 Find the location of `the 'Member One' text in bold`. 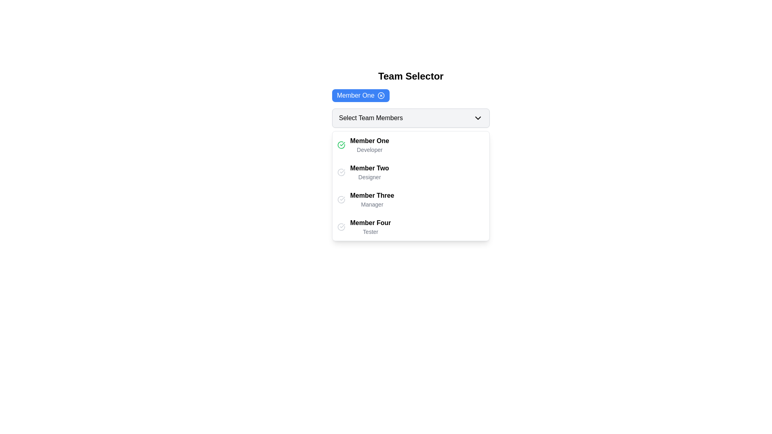

the 'Member One' text in bold is located at coordinates (369, 145).